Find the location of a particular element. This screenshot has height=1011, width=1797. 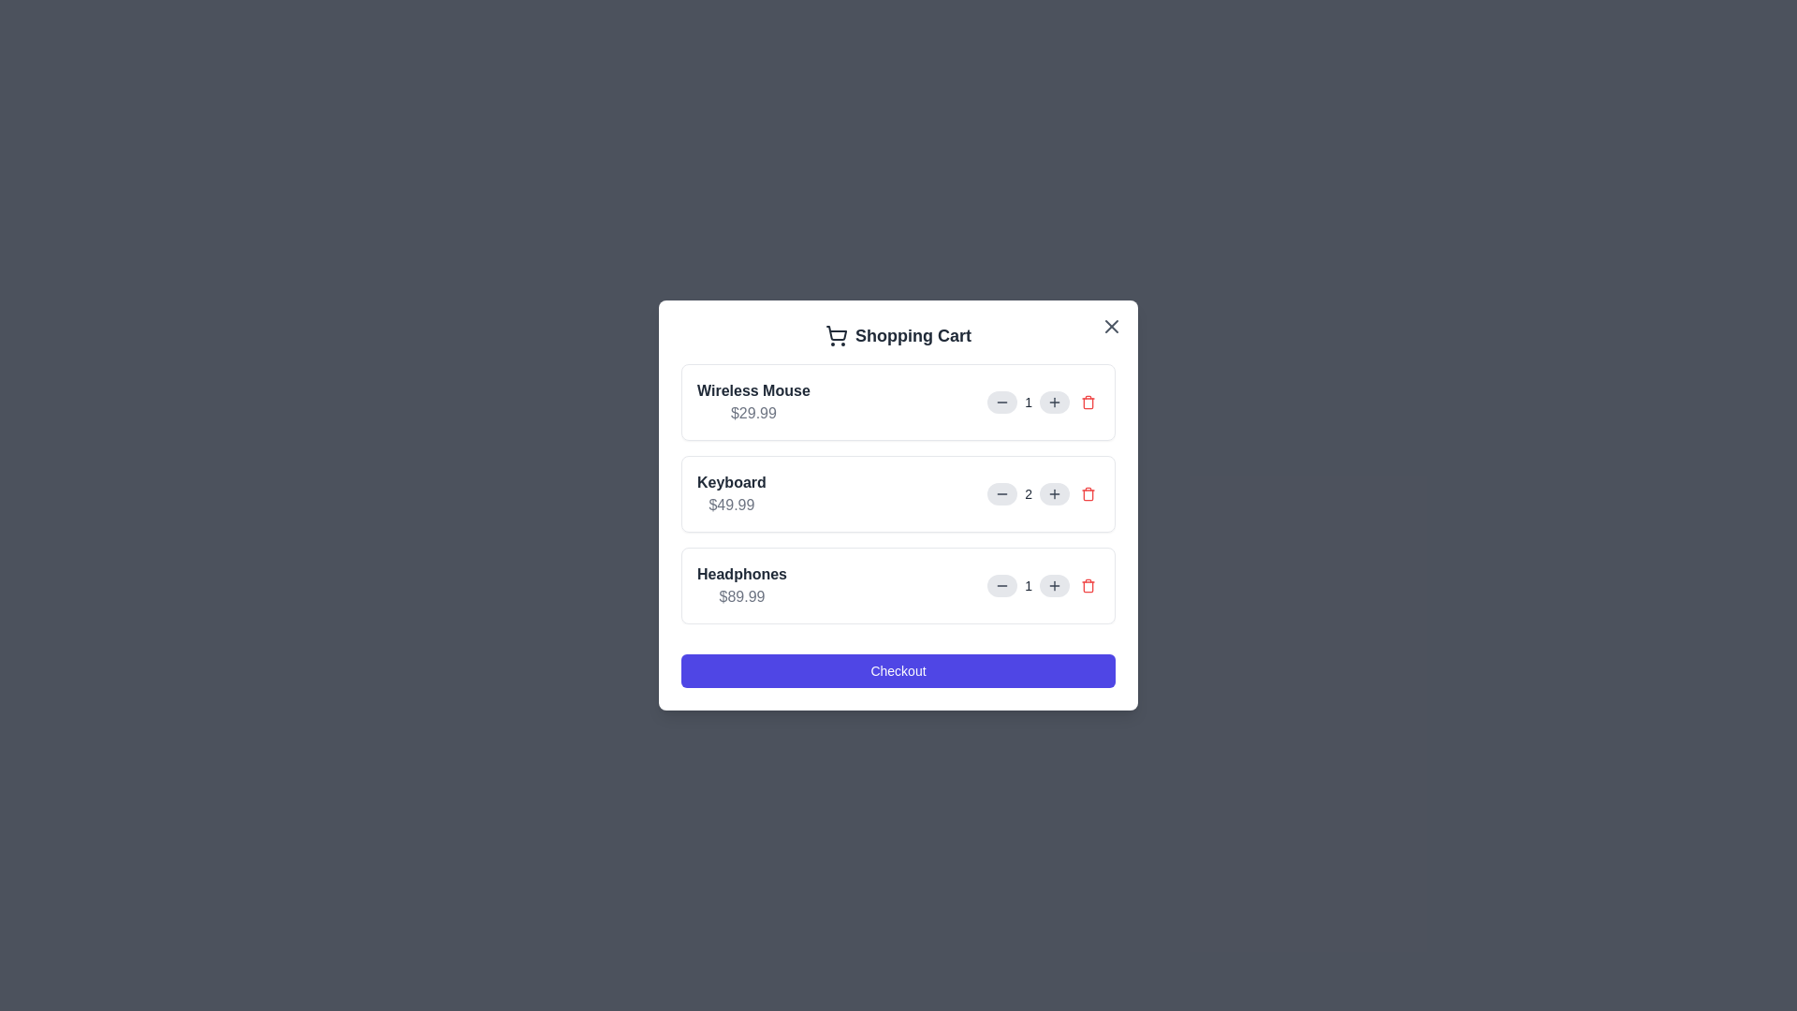

displayed quantity from the Numeric stepper control for the 'Keyboard' item in the shopping cart, located in the second row after 'Wireless Mouse' and before 'Headphones' is located at coordinates (1043, 493).